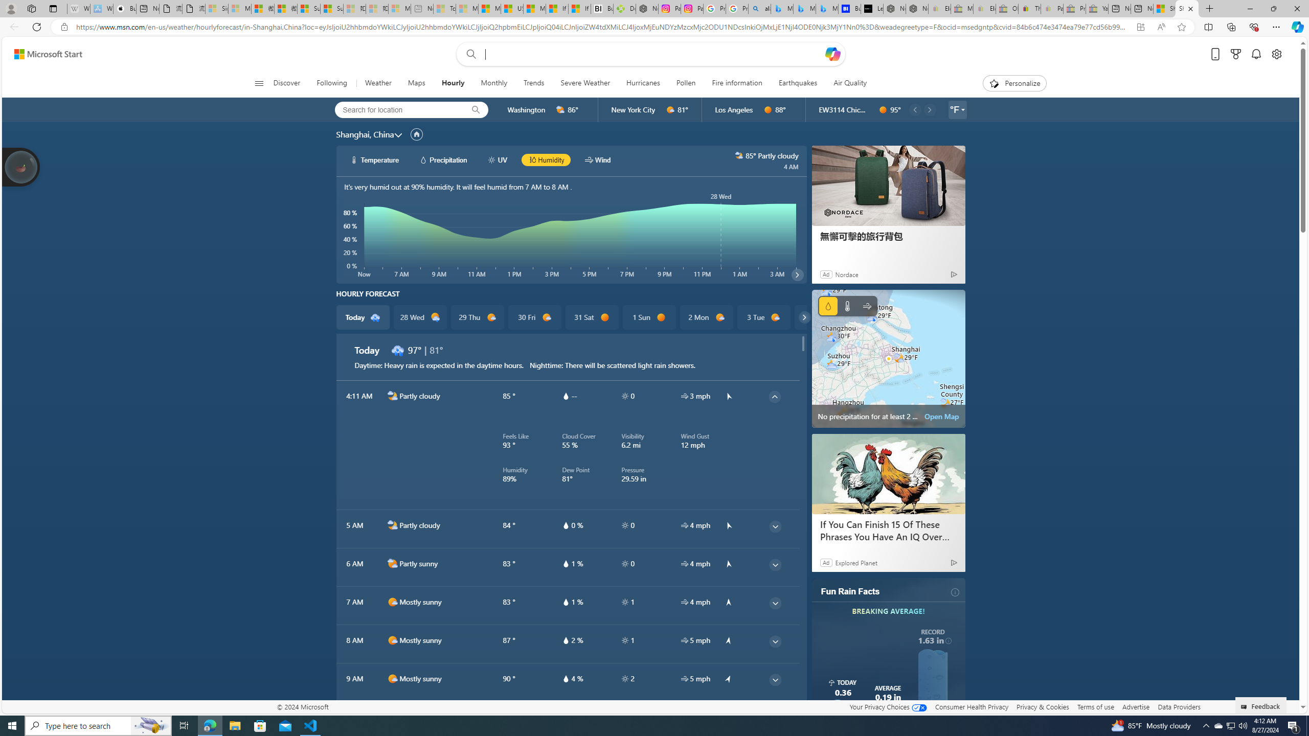 The image size is (1309, 736). I want to click on 'Microsoft Bing Travel - Shangri-La Hotel Bangkok', so click(827, 8).